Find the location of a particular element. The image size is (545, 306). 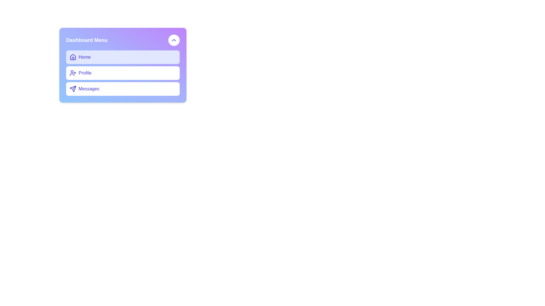

the 'Profile' menu icon located on the leftmost side of the 'Profile' menu item is located at coordinates (73, 73).